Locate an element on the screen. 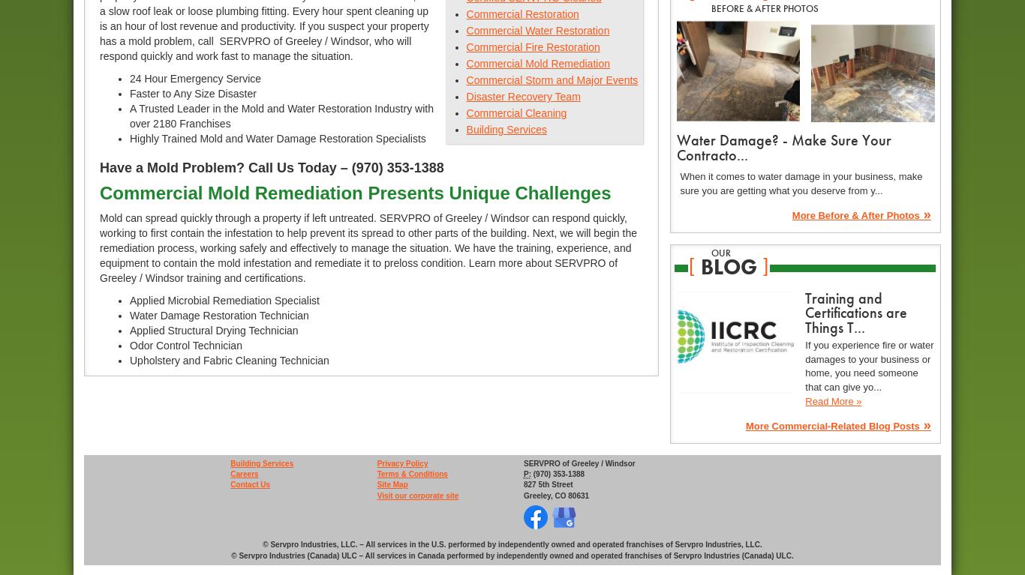 This screenshot has width=1025, height=575. 'Water Damage Restoration Technician' is located at coordinates (219, 315).